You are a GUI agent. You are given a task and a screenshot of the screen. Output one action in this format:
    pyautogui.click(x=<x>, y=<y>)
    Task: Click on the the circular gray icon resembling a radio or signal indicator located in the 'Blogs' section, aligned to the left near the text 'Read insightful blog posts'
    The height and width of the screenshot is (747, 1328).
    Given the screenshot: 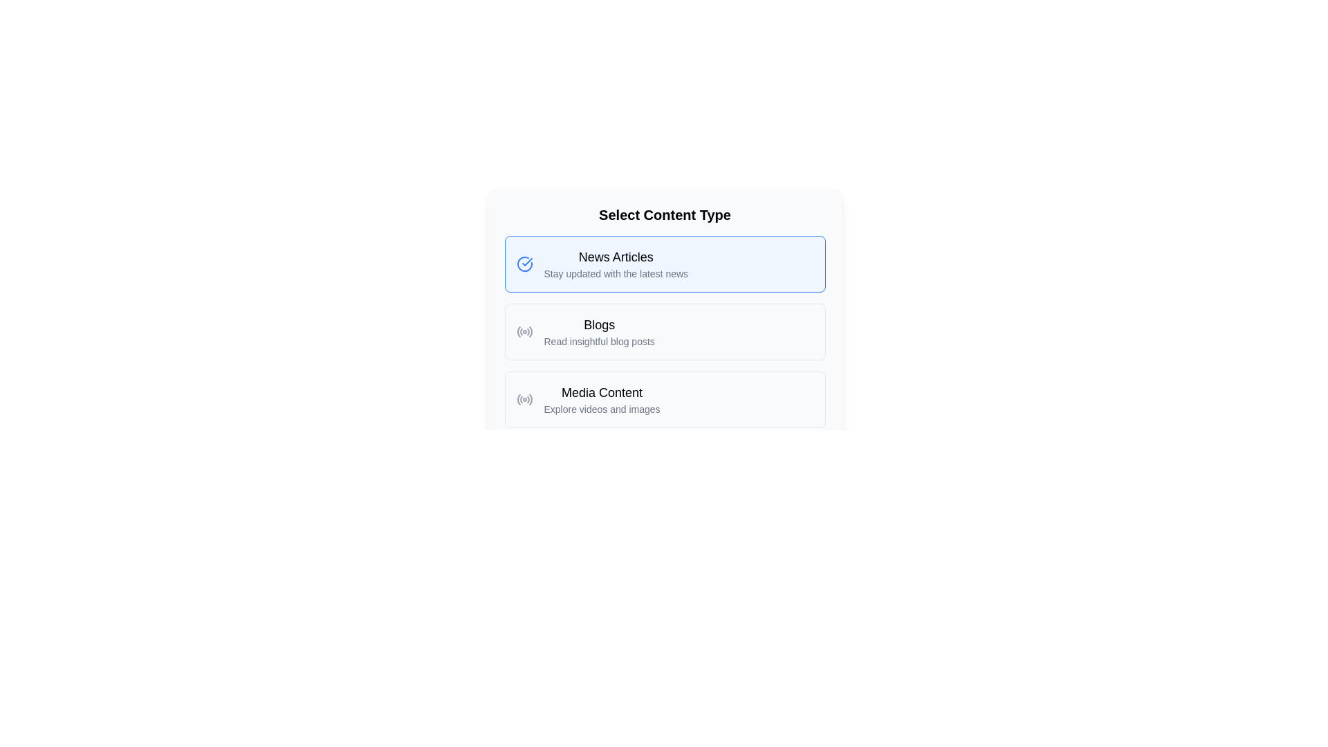 What is the action you would take?
    pyautogui.click(x=524, y=331)
    